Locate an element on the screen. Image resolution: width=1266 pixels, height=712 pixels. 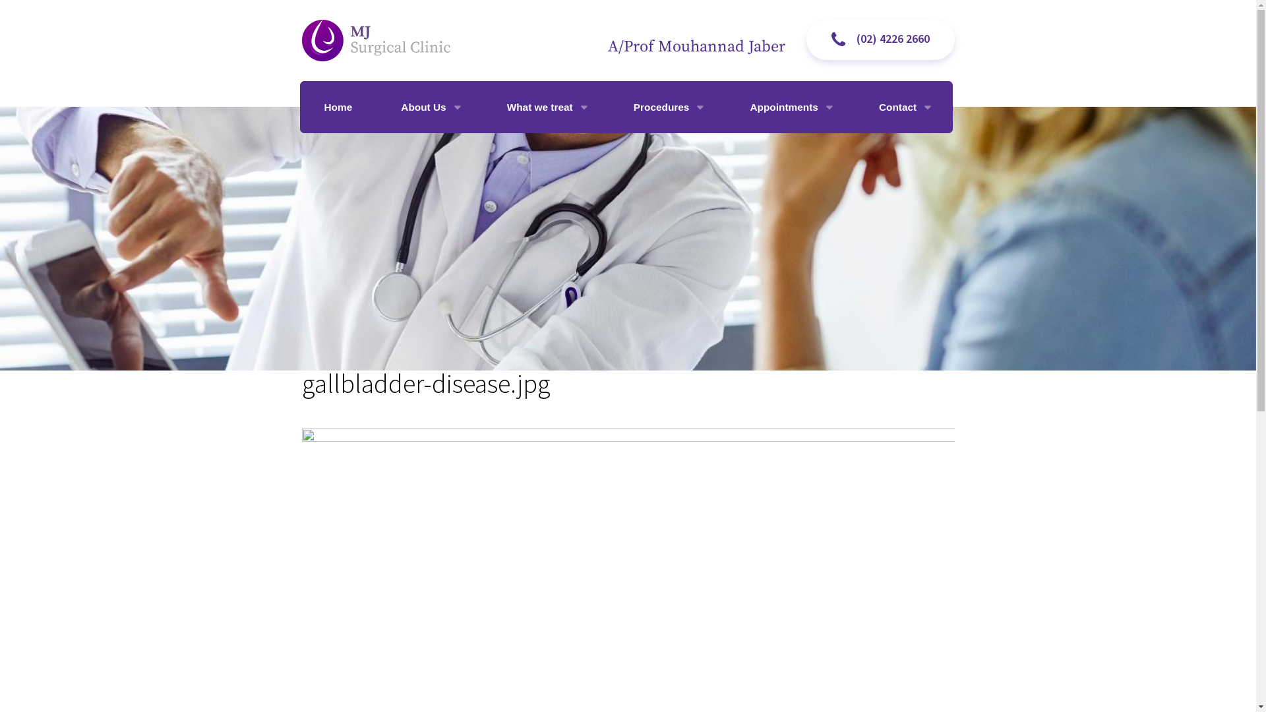
'Home' is located at coordinates (338, 106).